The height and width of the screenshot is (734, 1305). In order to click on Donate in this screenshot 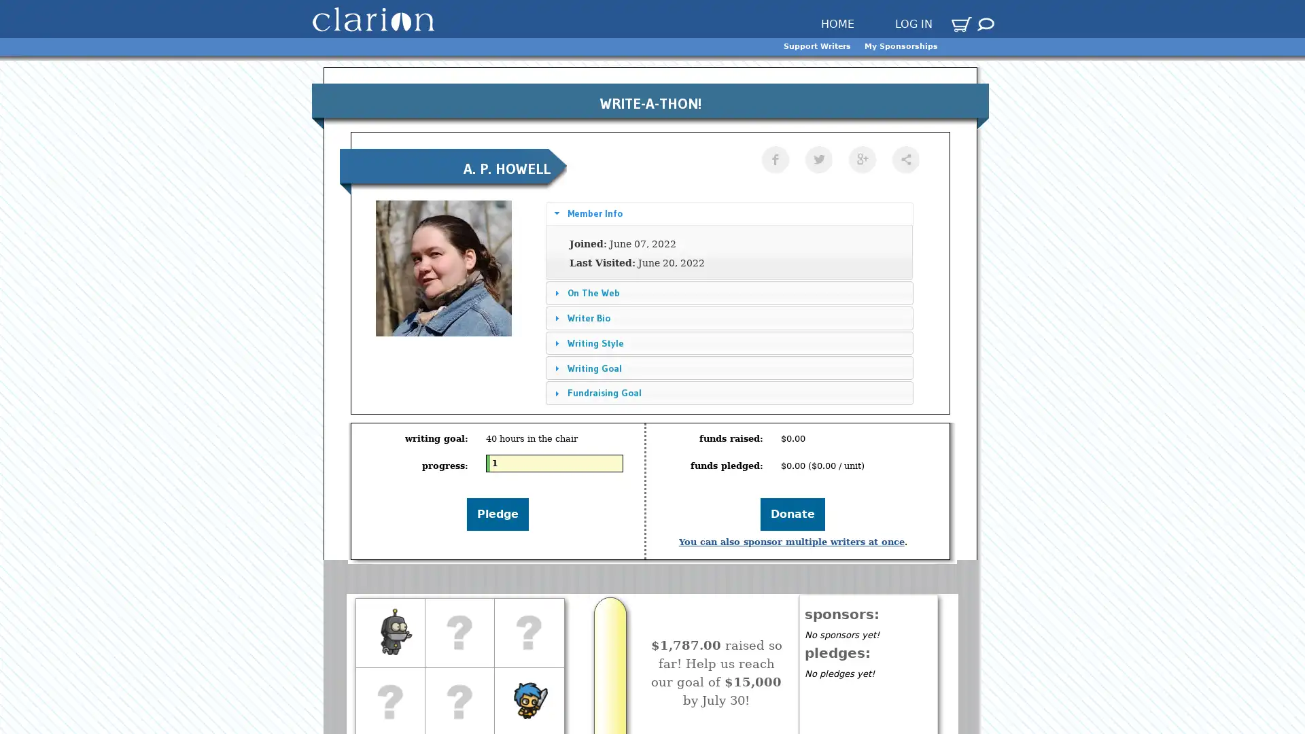, I will do `click(793, 514)`.